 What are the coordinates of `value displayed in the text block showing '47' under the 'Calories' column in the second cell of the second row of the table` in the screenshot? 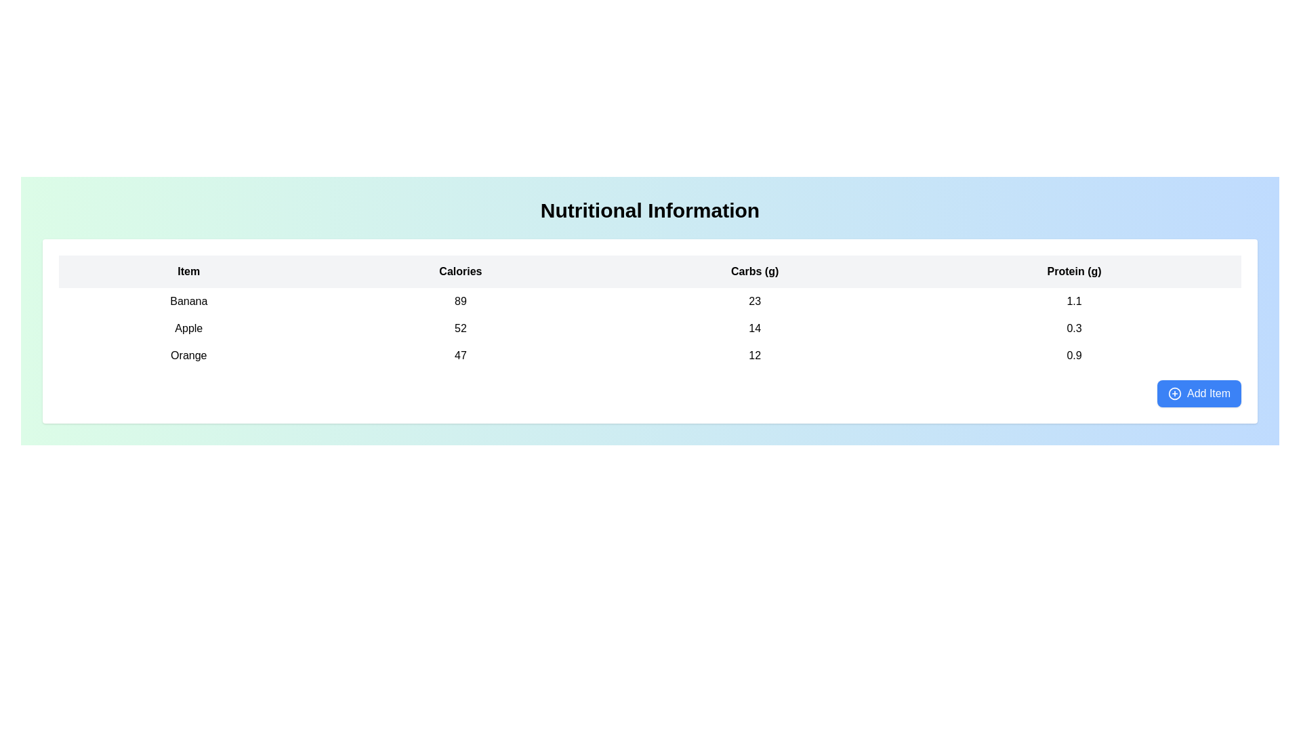 It's located at (460, 354).